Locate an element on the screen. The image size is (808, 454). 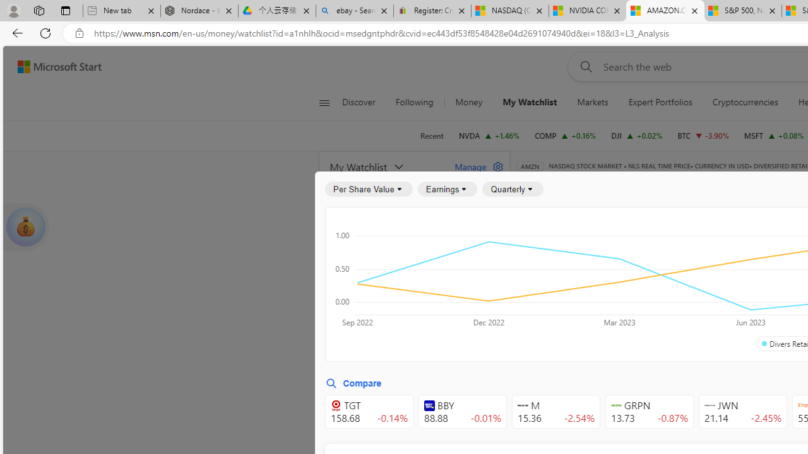
'Money' is located at coordinates (468, 102).